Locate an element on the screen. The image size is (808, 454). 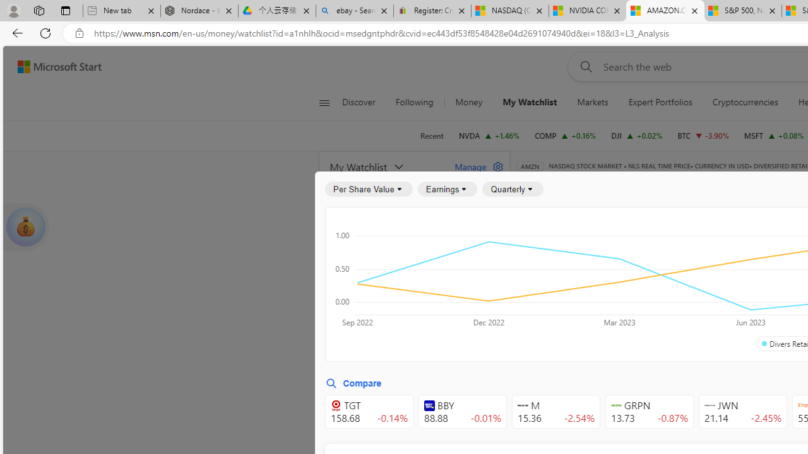
'Money' is located at coordinates (468, 102).